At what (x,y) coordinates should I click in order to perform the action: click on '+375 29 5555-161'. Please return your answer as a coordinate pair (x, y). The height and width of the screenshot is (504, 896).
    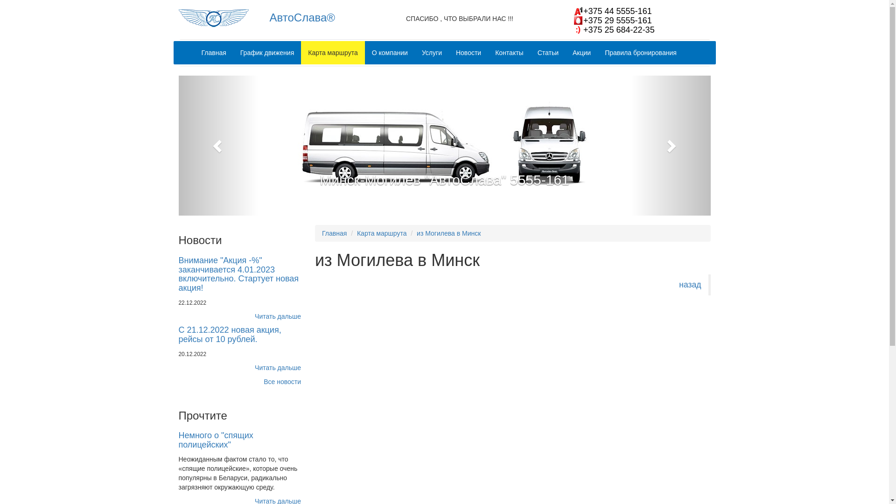
    Looking at the image, I should click on (613, 20).